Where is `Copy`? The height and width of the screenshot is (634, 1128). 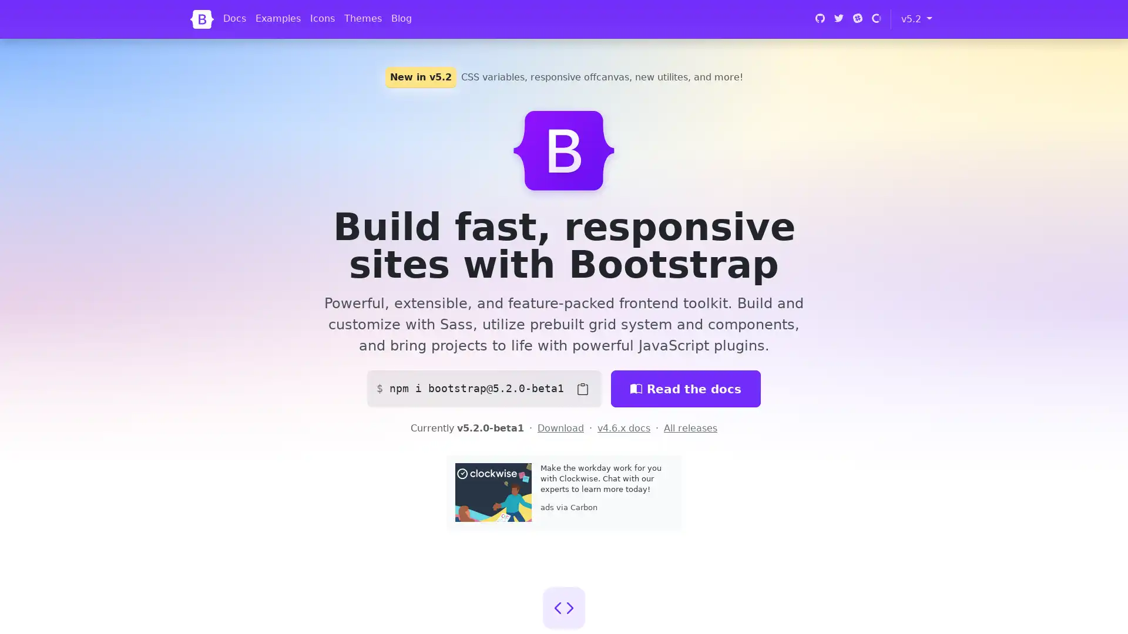 Copy is located at coordinates (583, 388).